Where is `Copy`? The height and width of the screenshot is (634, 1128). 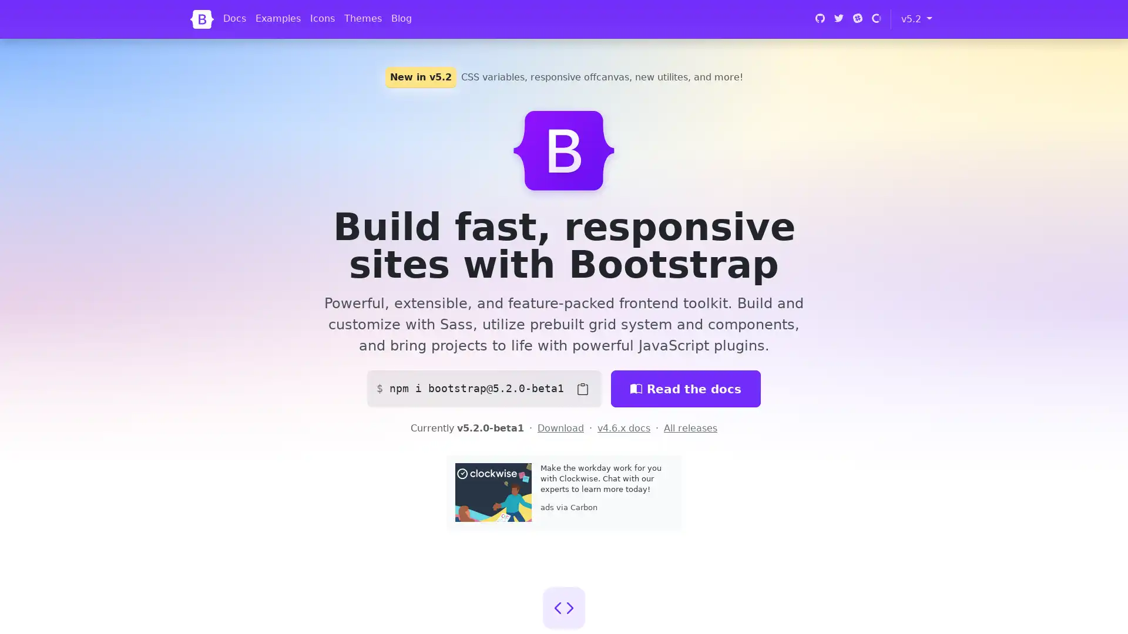 Copy is located at coordinates (583, 388).